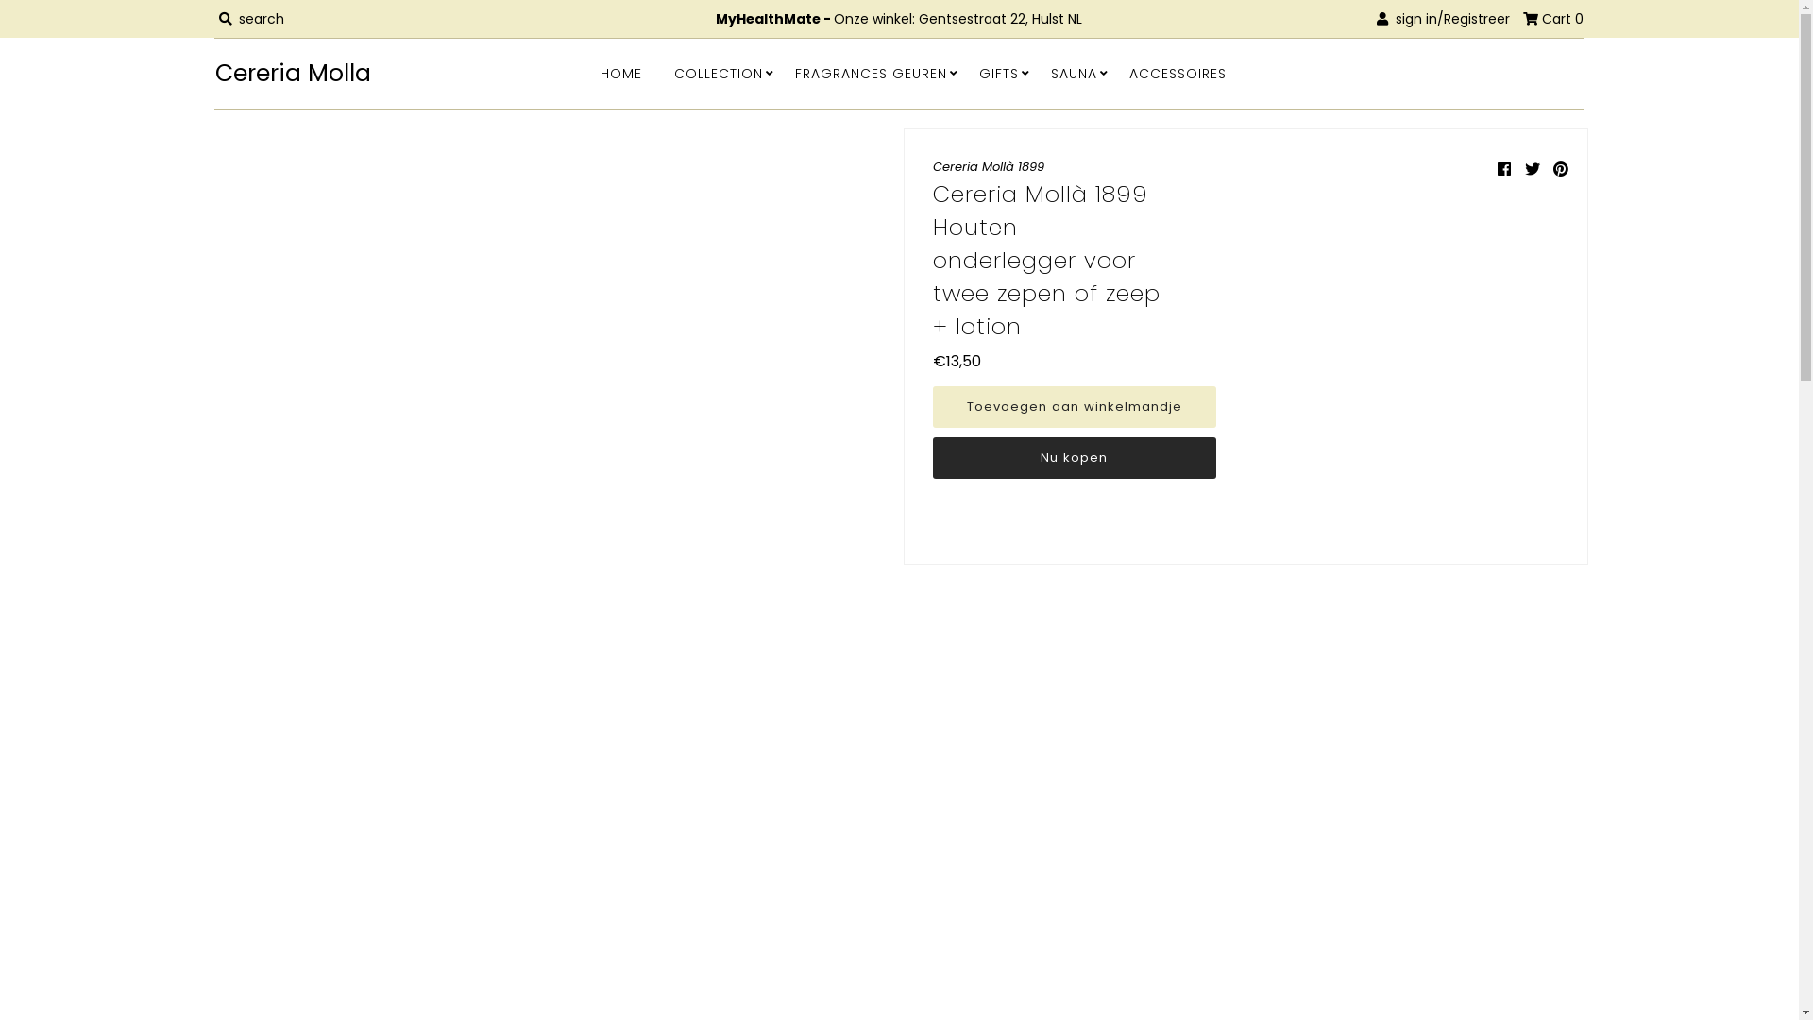 Image resolution: width=1813 pixels, height=1020 pixels. I want to click on 'HOME', so click(585, 72).